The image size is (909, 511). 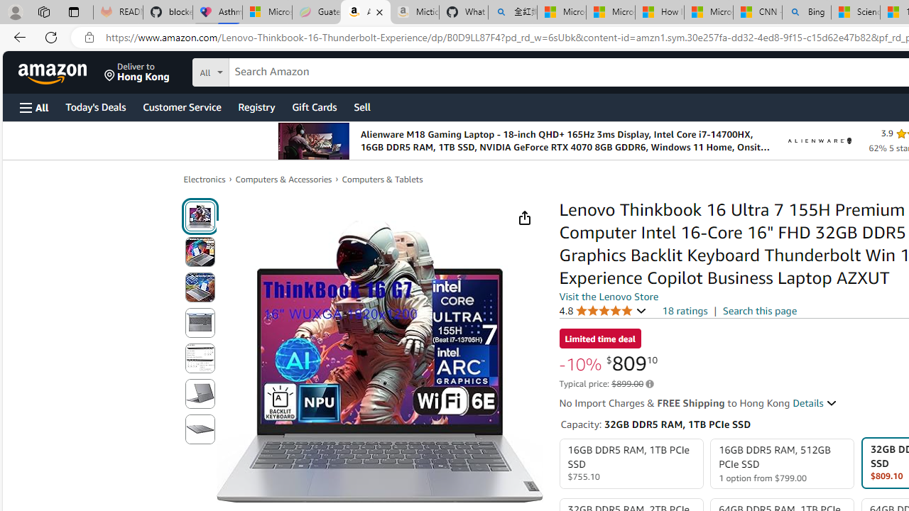 What do you see at coordinates (382, 179) in the screenshot?
I see `'Computers & Tablets'` at bounding box center [382, 179].